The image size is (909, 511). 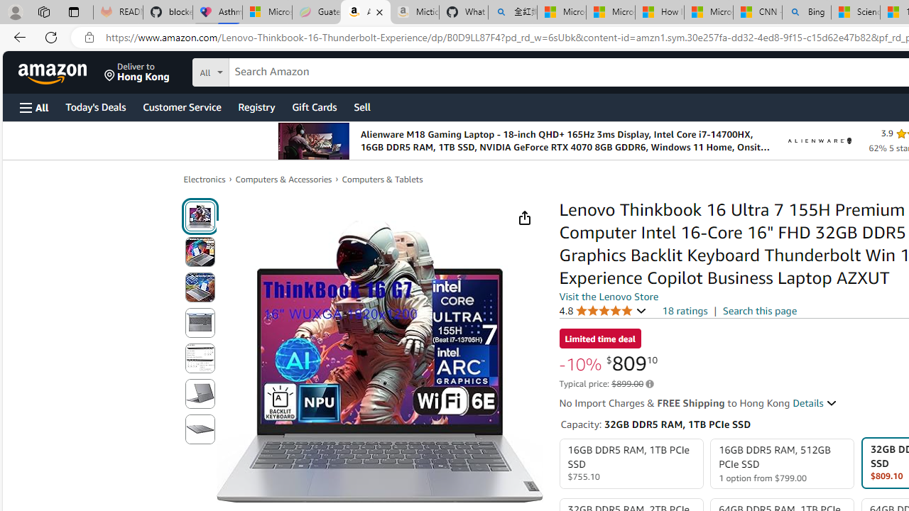 What do you see at coordinates (382, 179) in the screenshot?
I see `'Computers & Tablets'` at bounding box center [382, 179].